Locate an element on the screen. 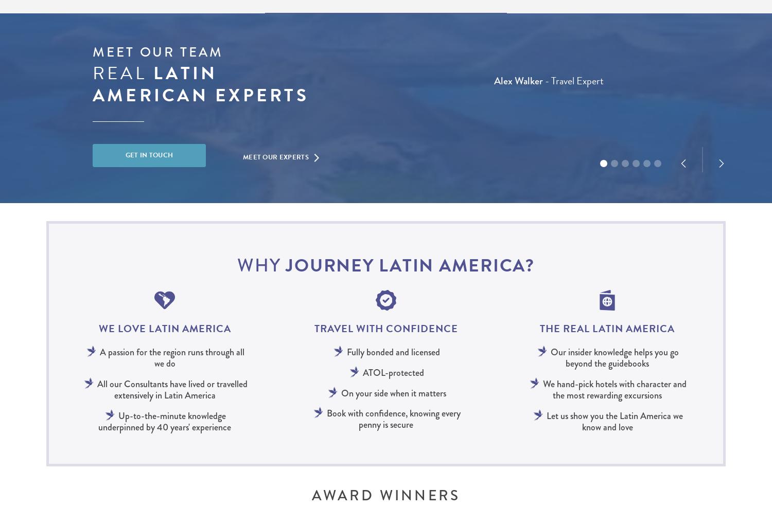  'Latin american experts' is located at coordinates (201, 83).